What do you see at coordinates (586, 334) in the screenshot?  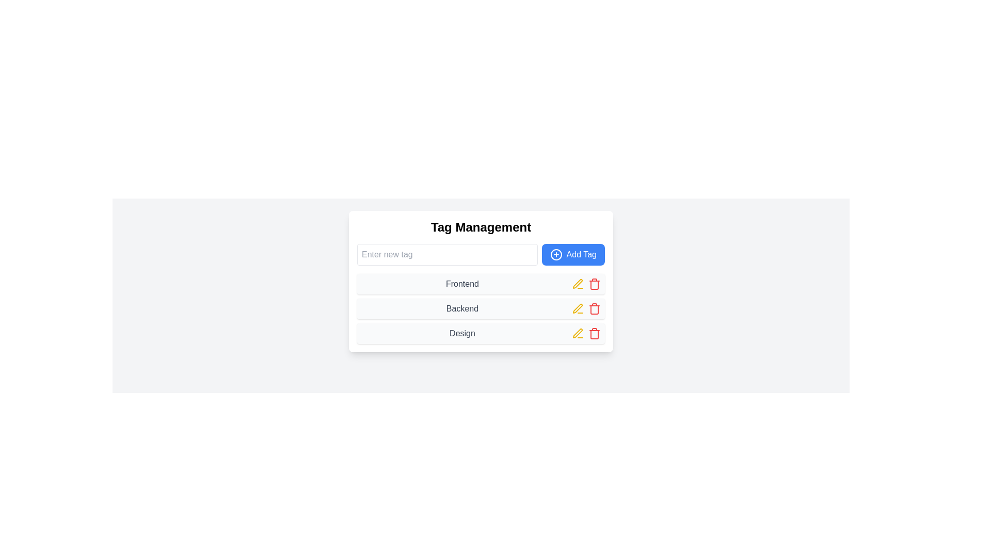 I see `the icon group representing action controls for the 'Design' row` at bounding box center [586, 334].